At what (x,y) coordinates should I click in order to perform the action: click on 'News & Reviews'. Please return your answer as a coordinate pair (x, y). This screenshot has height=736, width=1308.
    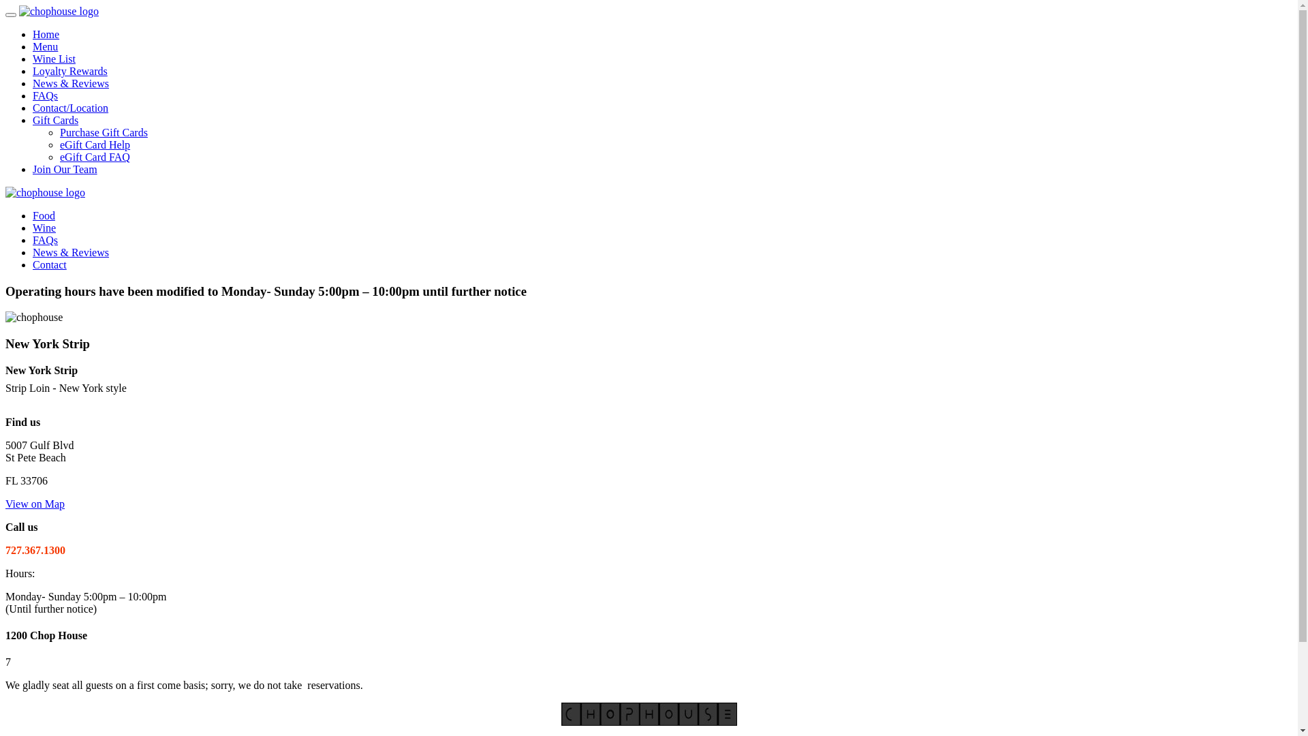
    Looking at the image, I should click on (70, 252).